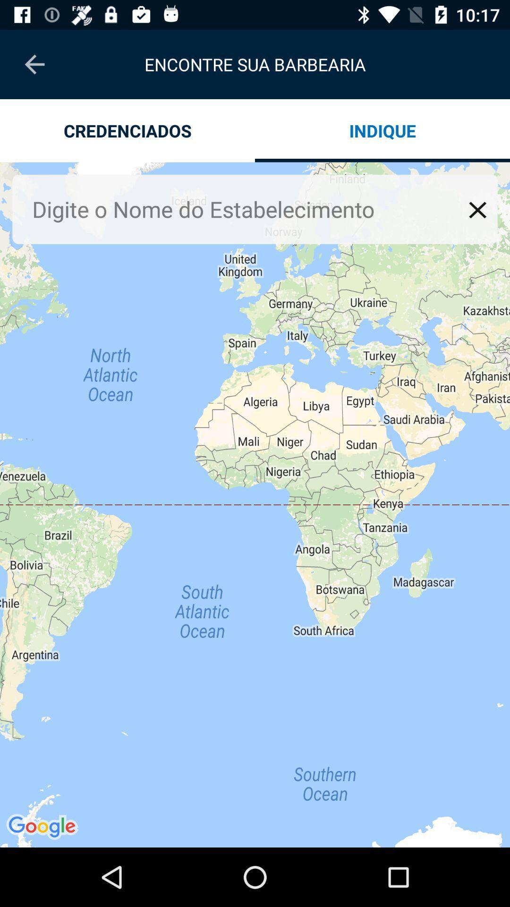 This screenshot has width=510, height=907. I want to click on window, so click(477, 209).